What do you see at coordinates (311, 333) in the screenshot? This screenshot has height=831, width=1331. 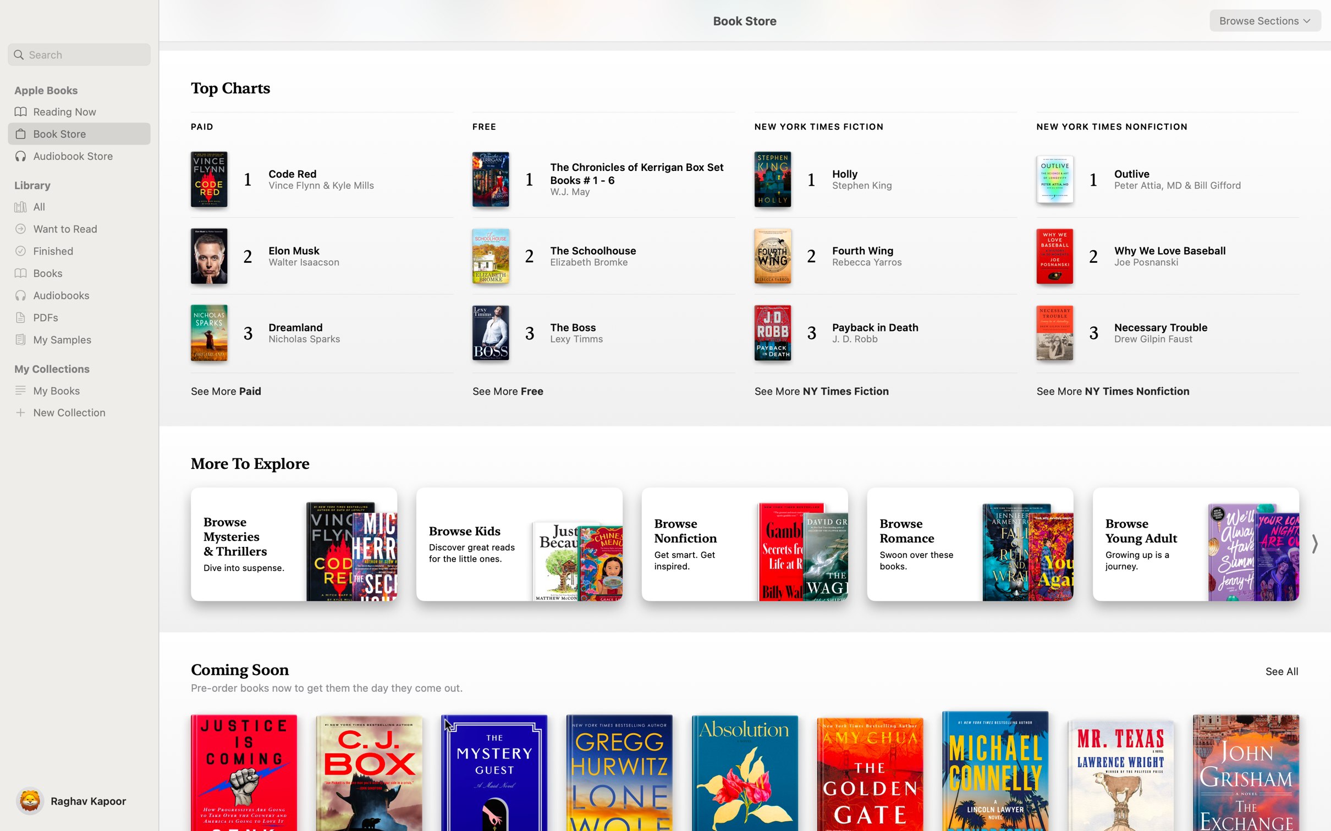 I see `reading of "Dreamland" from Bestseller paid charts` at bounding box center [311, 333].